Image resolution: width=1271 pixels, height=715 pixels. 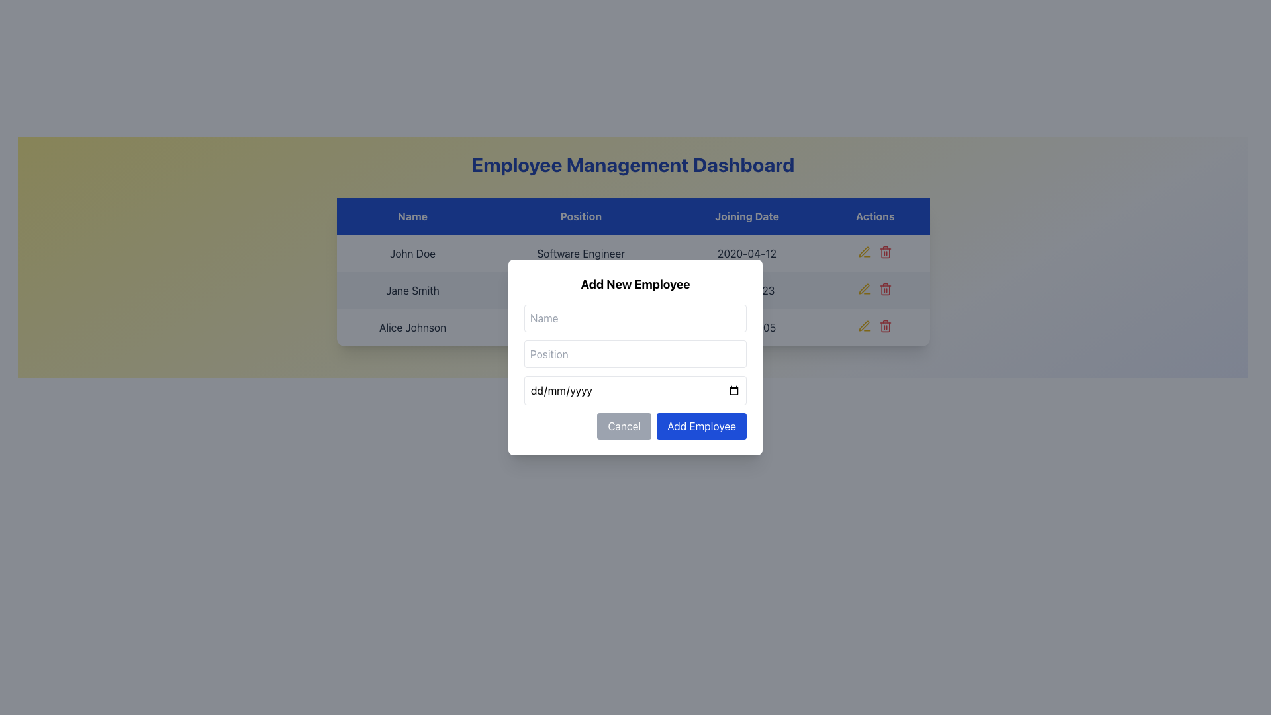 What do you see at coordinates (864, 288) in the screenshot?
I see `the pencil-shaped icon in the Actions column of the second row, corresponding to the entry 'Jane Smith'` at bounding box center [864, 288].